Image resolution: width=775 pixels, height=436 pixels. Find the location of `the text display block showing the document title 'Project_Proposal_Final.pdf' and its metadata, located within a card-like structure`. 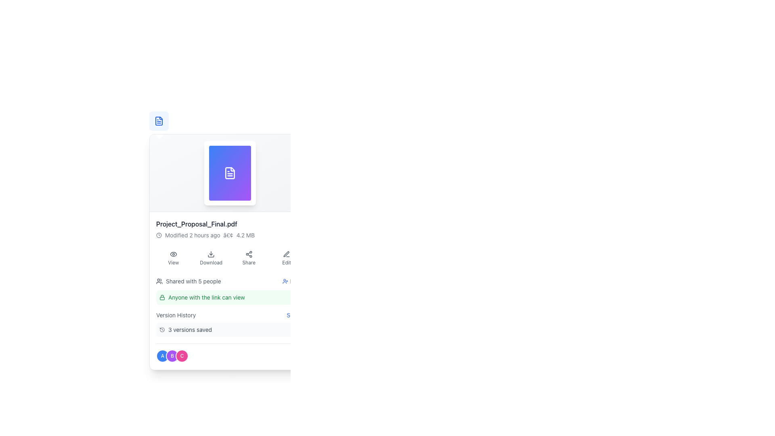

the text display block showing the document title 'Project_Proposal_Final.pdf' and its metadata, located within a card-like structure is located at coordinates (230, 229).